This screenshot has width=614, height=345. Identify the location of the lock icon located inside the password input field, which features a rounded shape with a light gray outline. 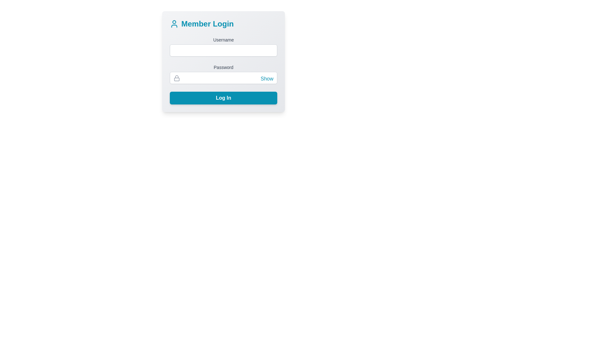
(177, 78).